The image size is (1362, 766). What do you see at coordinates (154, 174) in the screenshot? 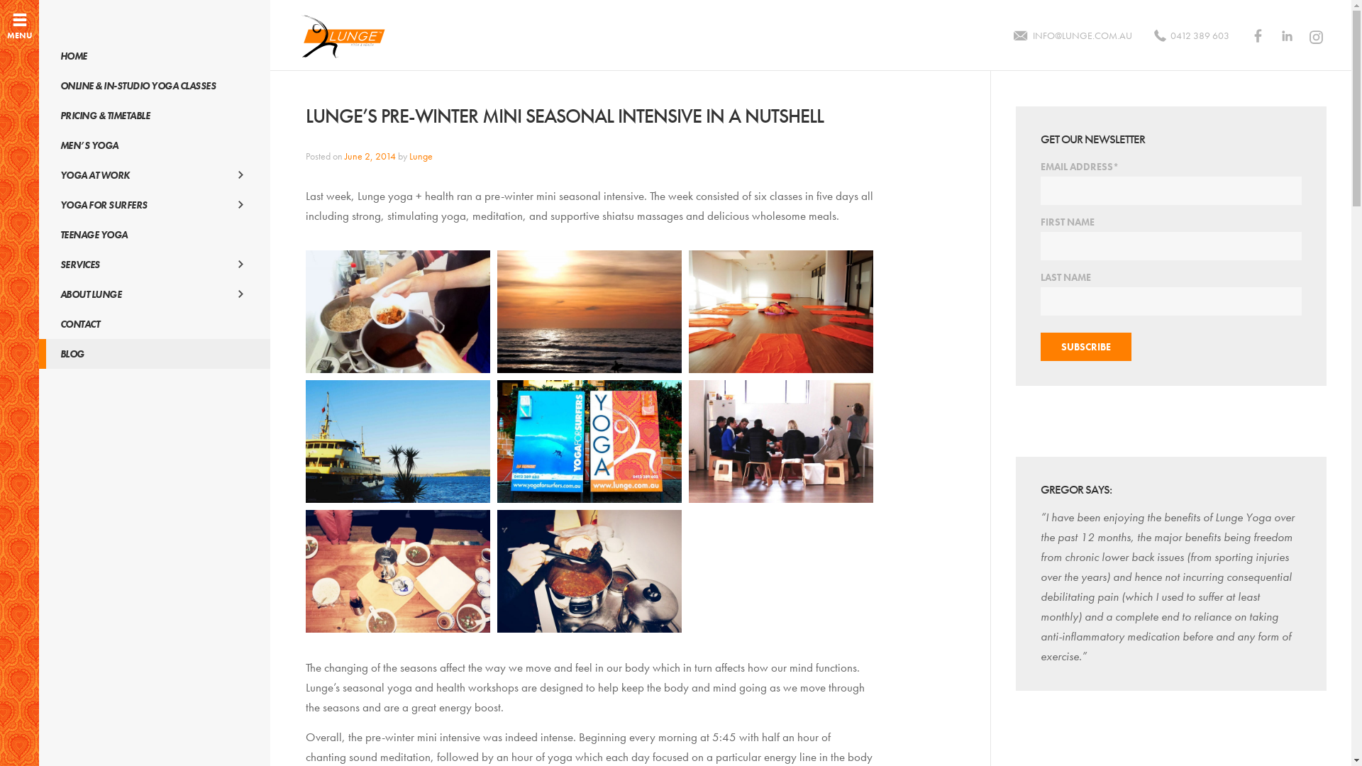
I see `'YOGA AT WORK'` at bounding box center [154, 174].